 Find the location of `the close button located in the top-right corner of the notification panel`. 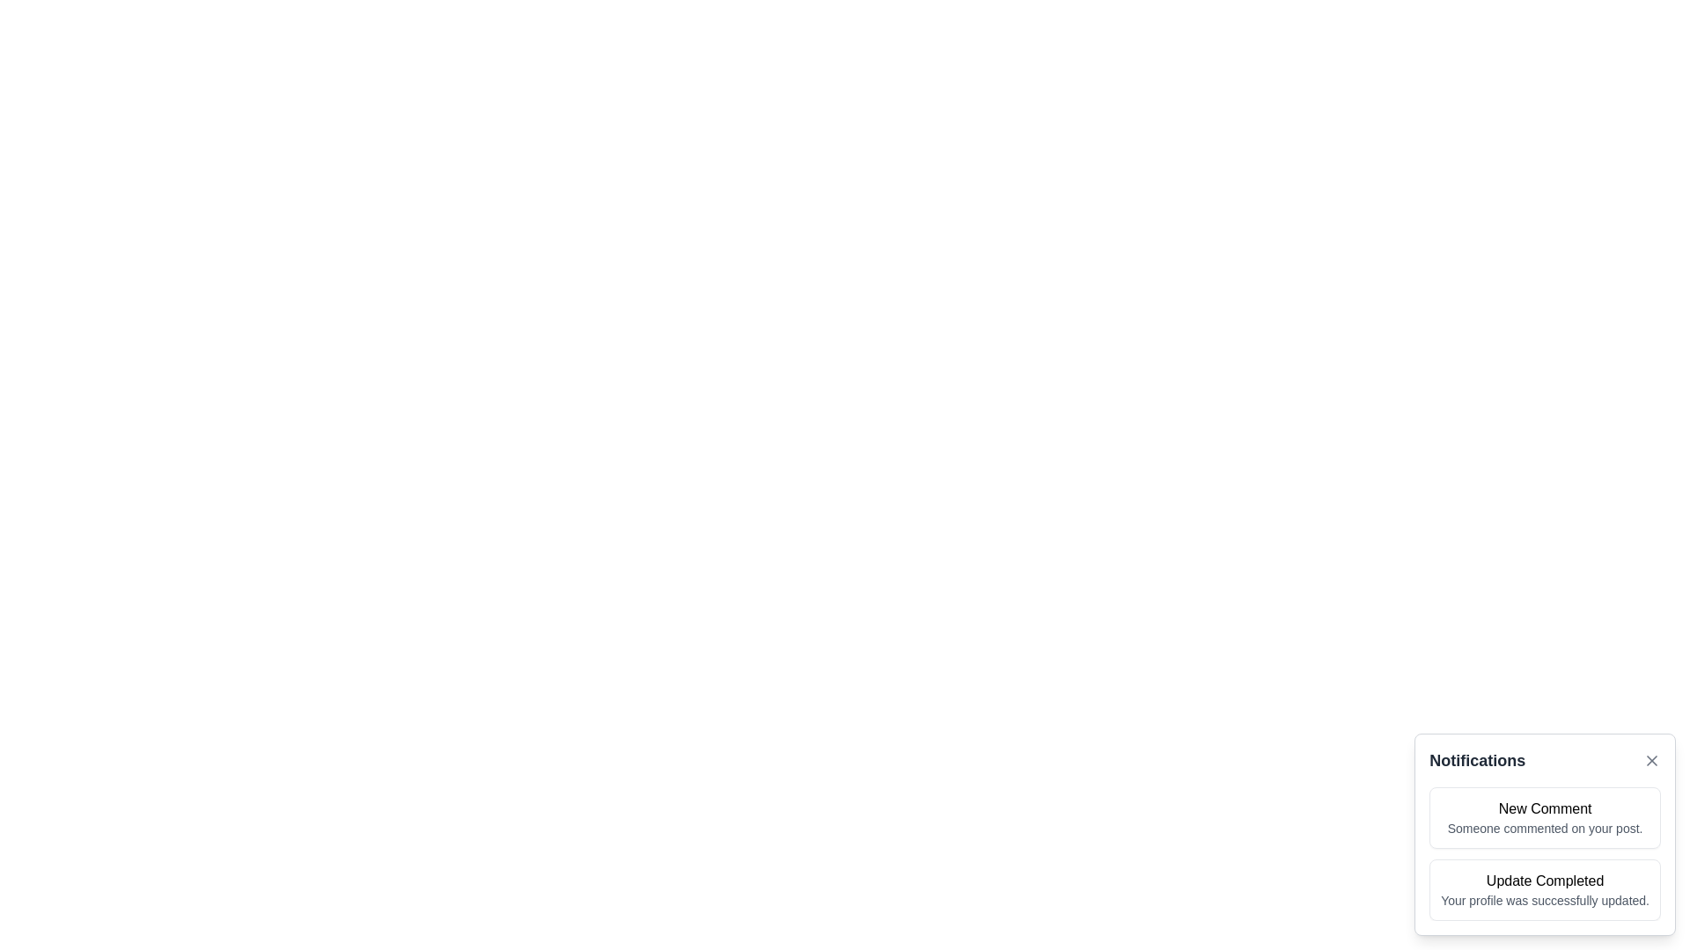

the close button located in the top-right corner of the notification panel is located at coordinates (1650, 759).